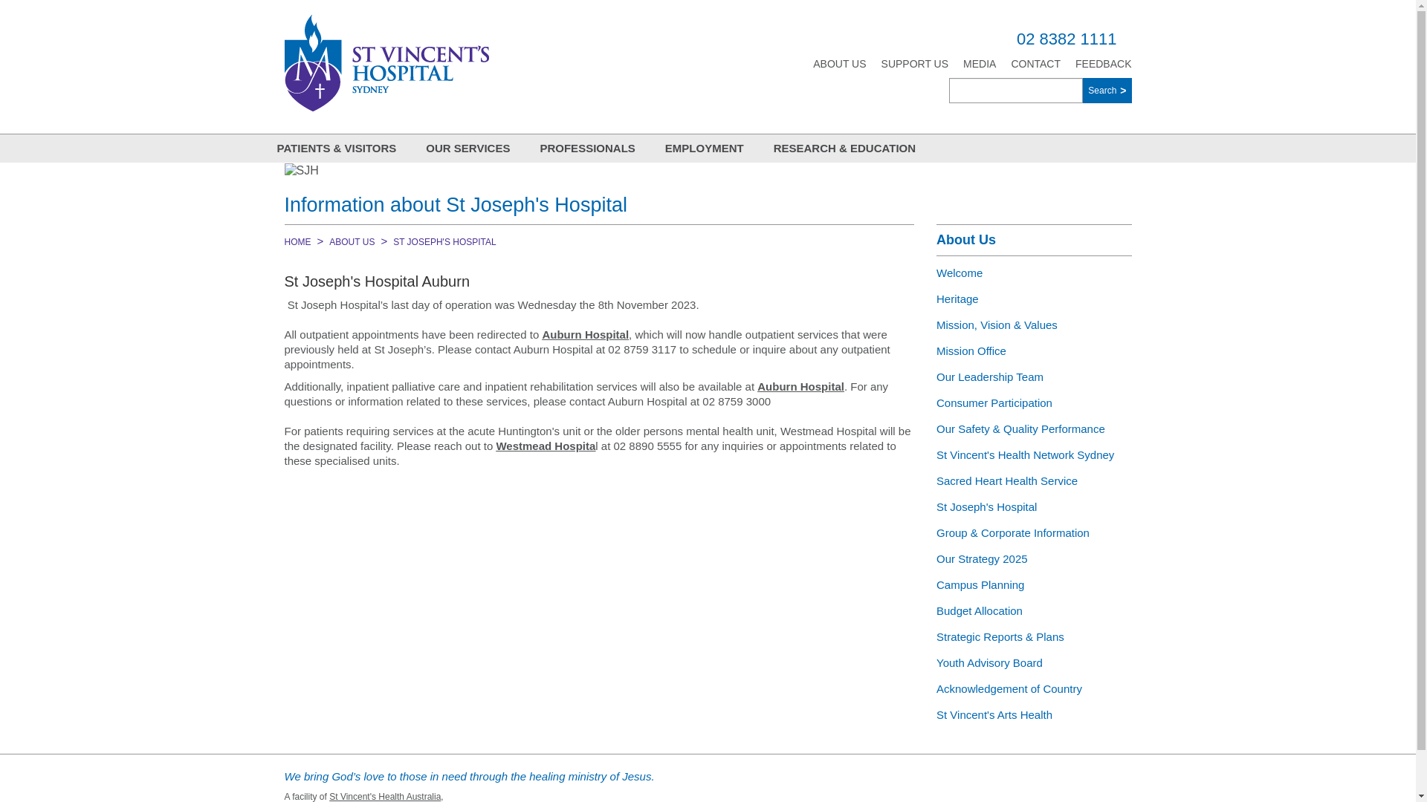 Image resolution: width=1427 pixels, height=802 pixels. I want to click on 'RESEARCH & EDUCATION', so click(844, 149).